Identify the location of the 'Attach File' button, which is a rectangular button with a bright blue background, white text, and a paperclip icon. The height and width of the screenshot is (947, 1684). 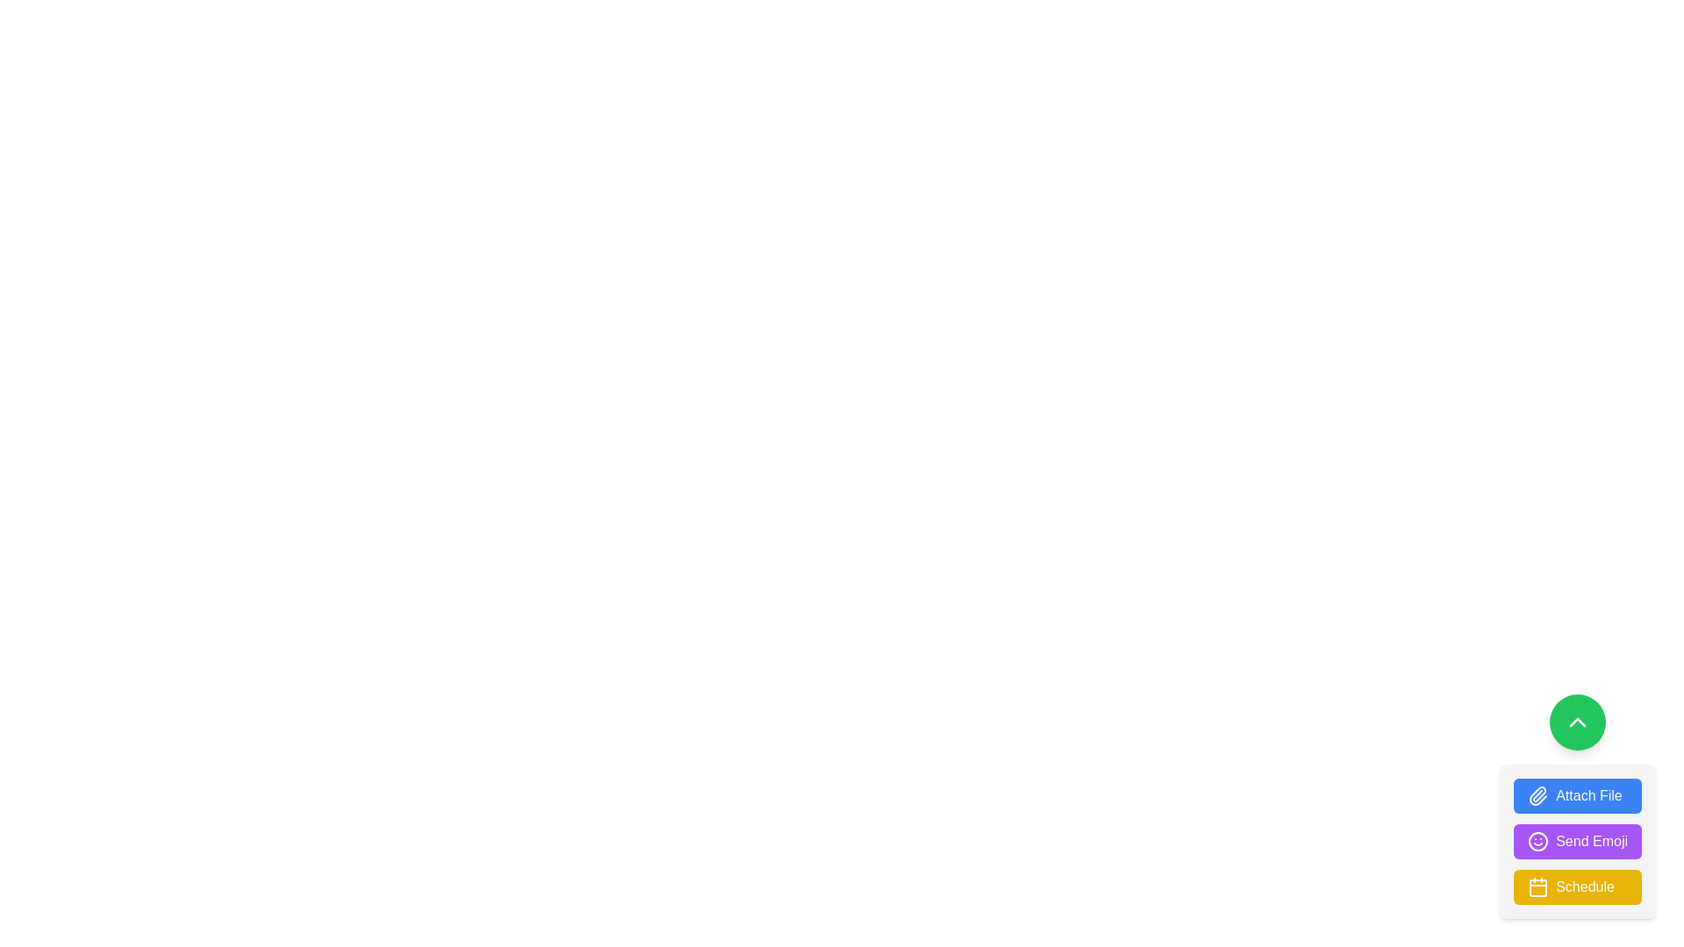
(1578, 795).